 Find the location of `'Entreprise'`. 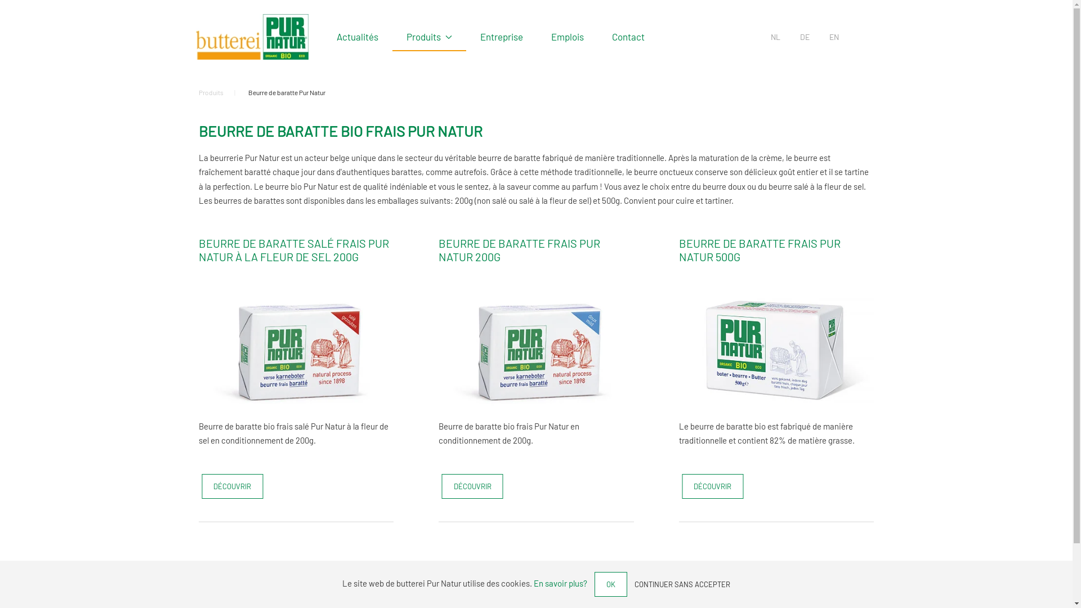

'Entreprise' is located at coordinates (501, 36).